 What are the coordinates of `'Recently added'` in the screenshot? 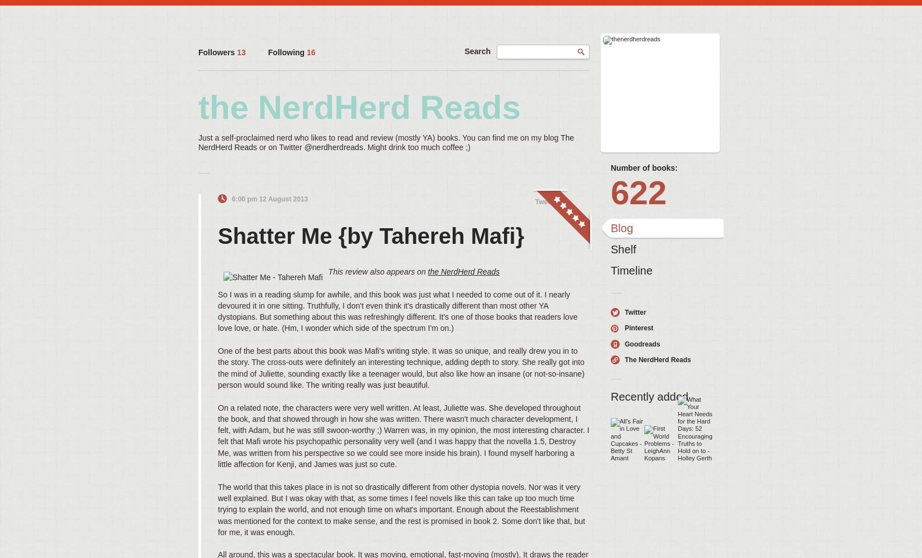 It's located at (649, 396).